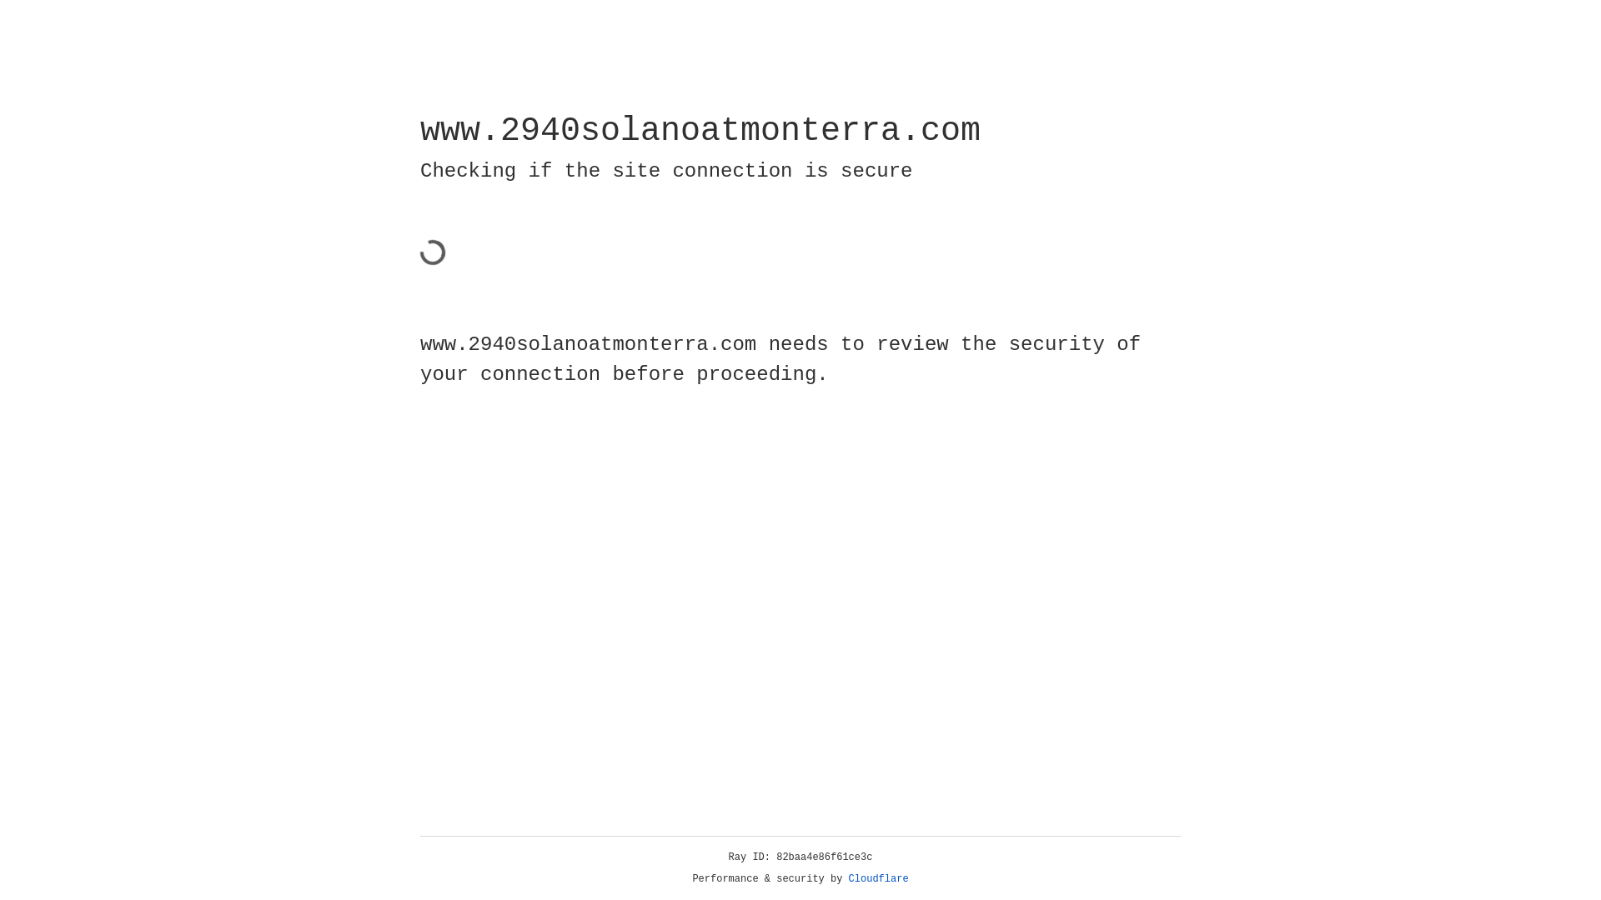 The width and height of the screenshot is (1601, 900). I want to click on 'Cloudflare', so click(848, 878).